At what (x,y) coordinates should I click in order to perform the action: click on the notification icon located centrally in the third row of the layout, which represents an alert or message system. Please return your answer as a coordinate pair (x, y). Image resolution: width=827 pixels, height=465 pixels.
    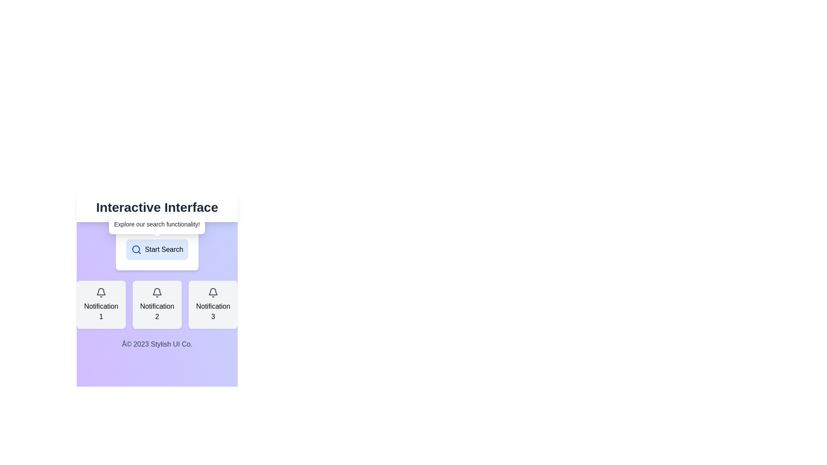
    Looking at the image, I should click on (213, 292).